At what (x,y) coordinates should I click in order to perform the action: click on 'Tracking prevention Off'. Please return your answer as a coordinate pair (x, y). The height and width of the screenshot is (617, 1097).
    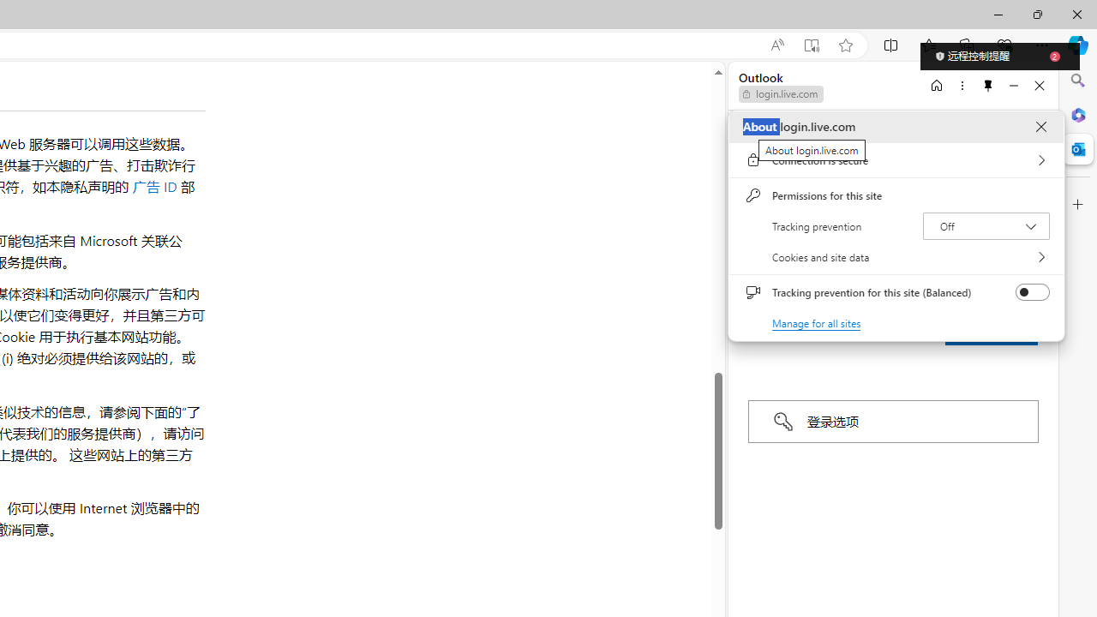
    Looking at the image, I should click on (986, 225).